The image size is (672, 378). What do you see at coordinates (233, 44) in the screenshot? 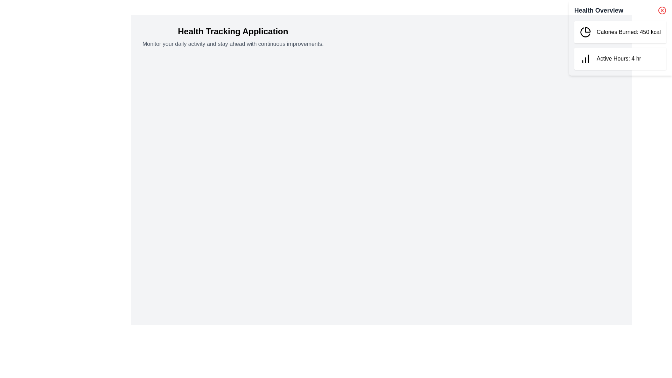
I see `the descriptive text label that provides guidance about the Health Tracking Application, positioned below the heading` at bounding box center [233, 44].